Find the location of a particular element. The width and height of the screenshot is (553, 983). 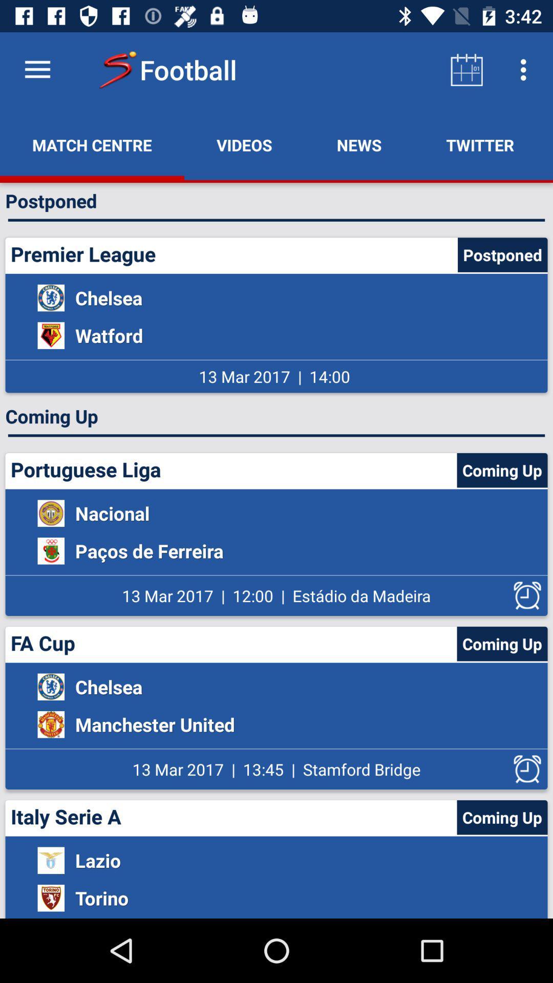

click on the menu option is located at coordinates (37, 69).